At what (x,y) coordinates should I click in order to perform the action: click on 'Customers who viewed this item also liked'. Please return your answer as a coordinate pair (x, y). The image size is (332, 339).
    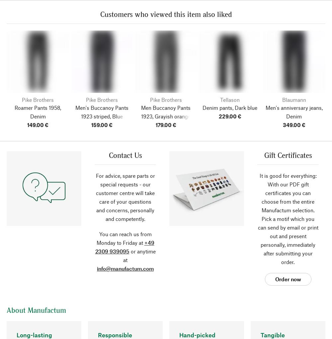
    Looking at the image, I should click on (166, 14).